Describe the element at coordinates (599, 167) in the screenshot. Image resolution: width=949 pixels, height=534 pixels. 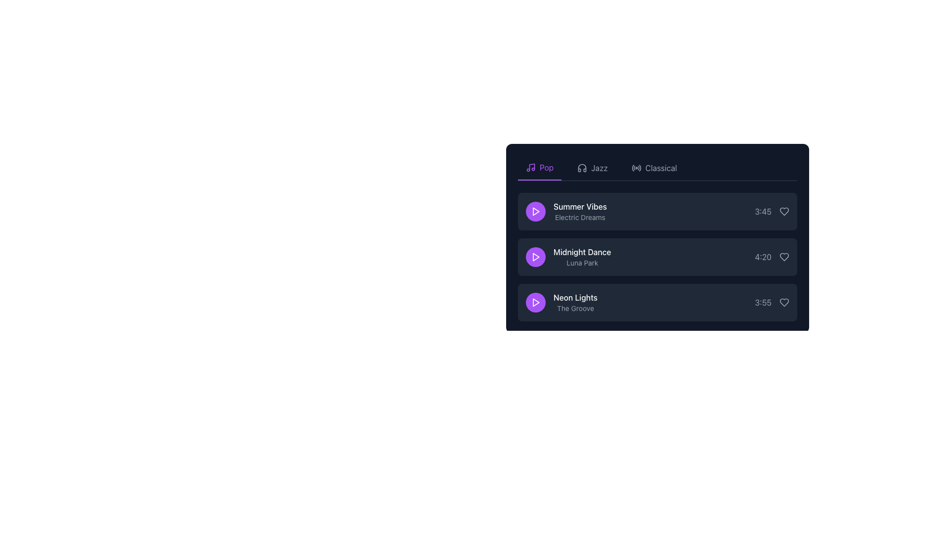
I see `the 'Jazz' text label in the top navigation bar` at that location.